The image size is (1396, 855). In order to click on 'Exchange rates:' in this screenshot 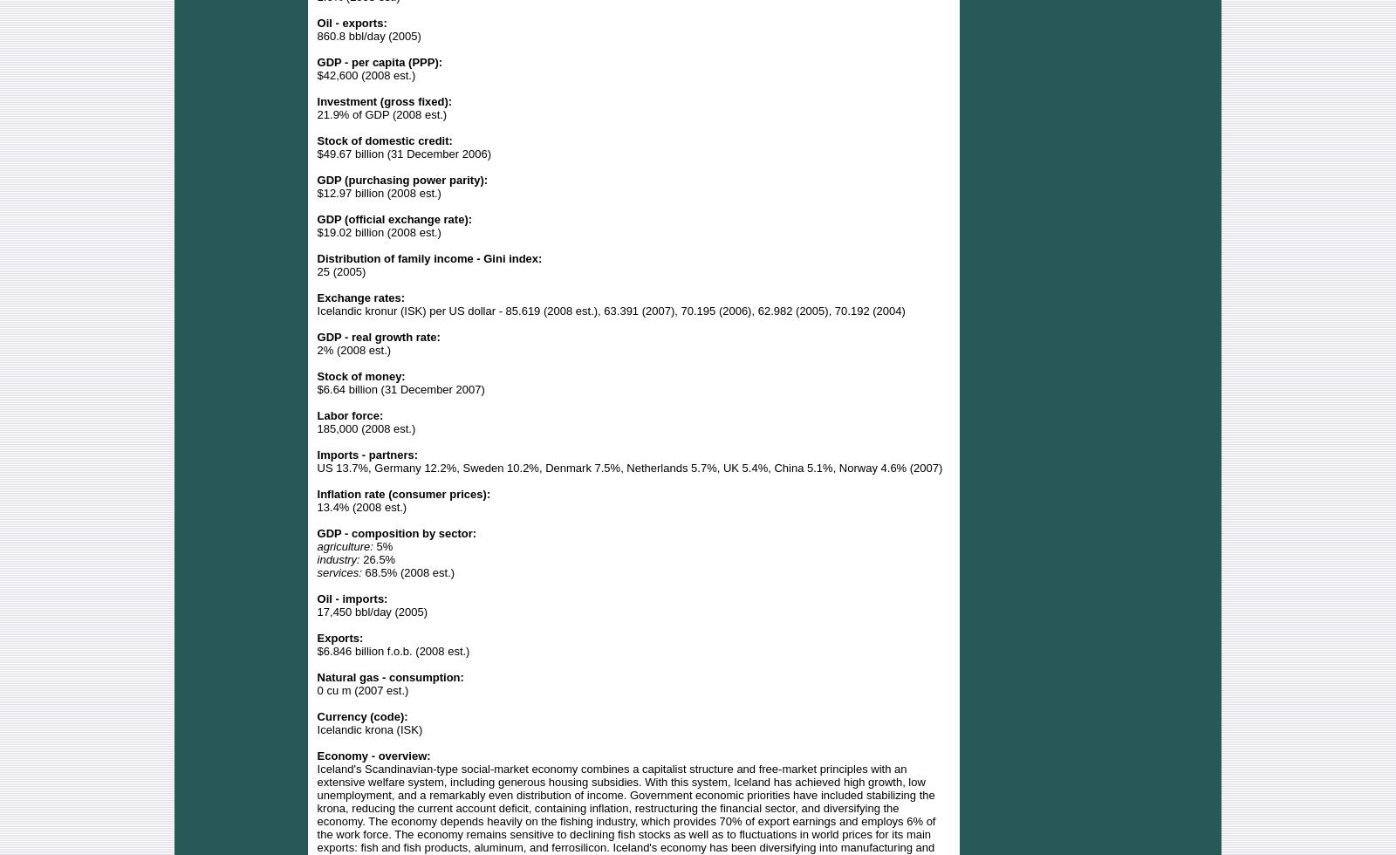, I will do `click(359, 297)`.